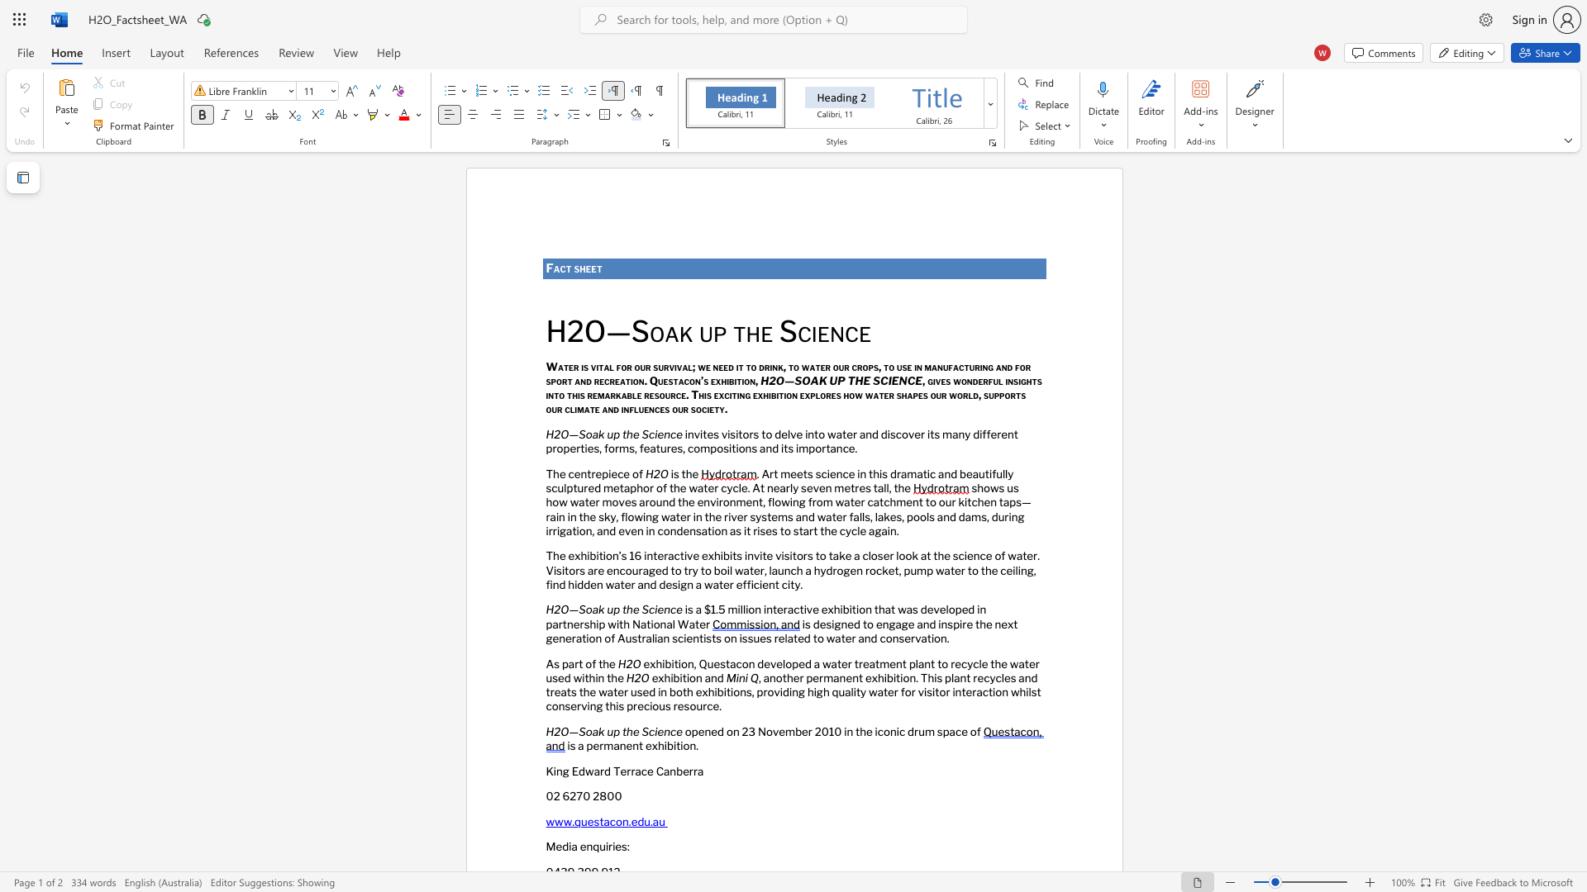 This screenshot has height=892, width=1587. Describe the element at coordinates (829, 332) in the screenshot. I see `the subset text "nc" within the text "H2O—Soak up the Science"` at that location.